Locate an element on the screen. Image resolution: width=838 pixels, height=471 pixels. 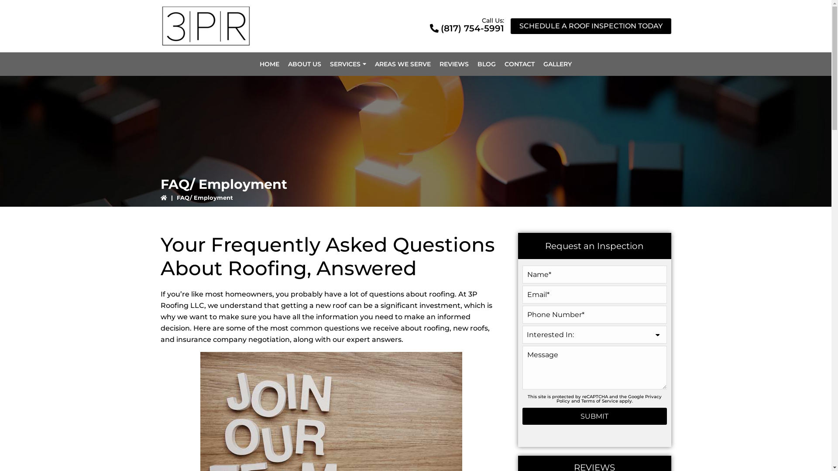
'3PR Roofing Company' is located at coordinates (205, 26).